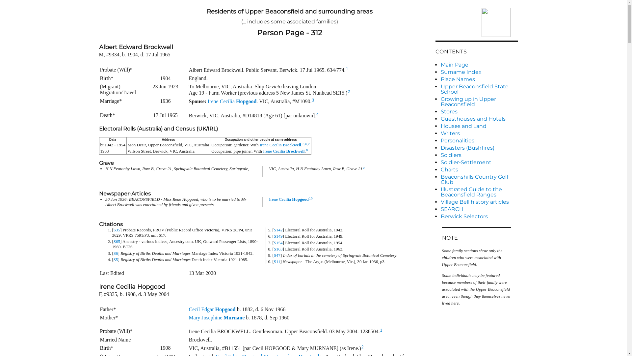 Image resolution: width=632 pixels, height=356 pixels. I want to click on 'S47', so click(277, 255).